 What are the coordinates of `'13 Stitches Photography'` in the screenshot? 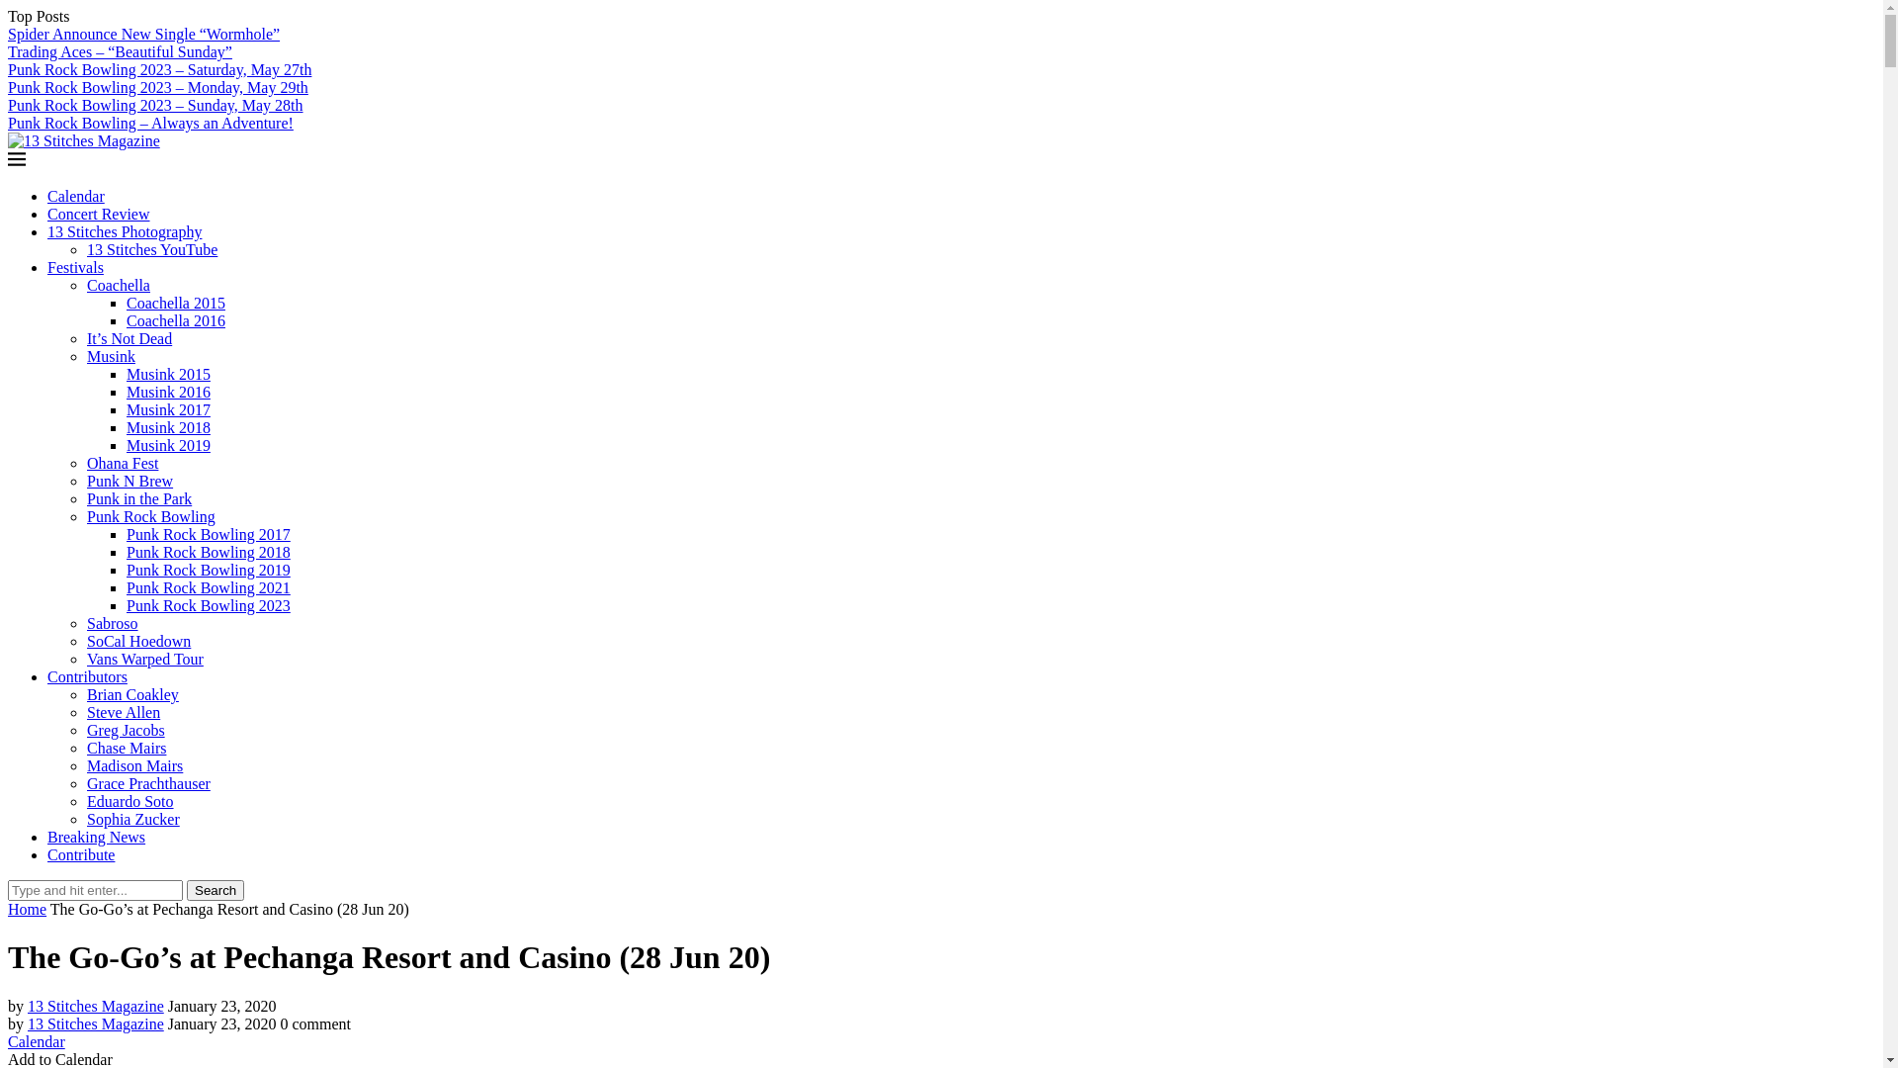 It's located at (47, 230).